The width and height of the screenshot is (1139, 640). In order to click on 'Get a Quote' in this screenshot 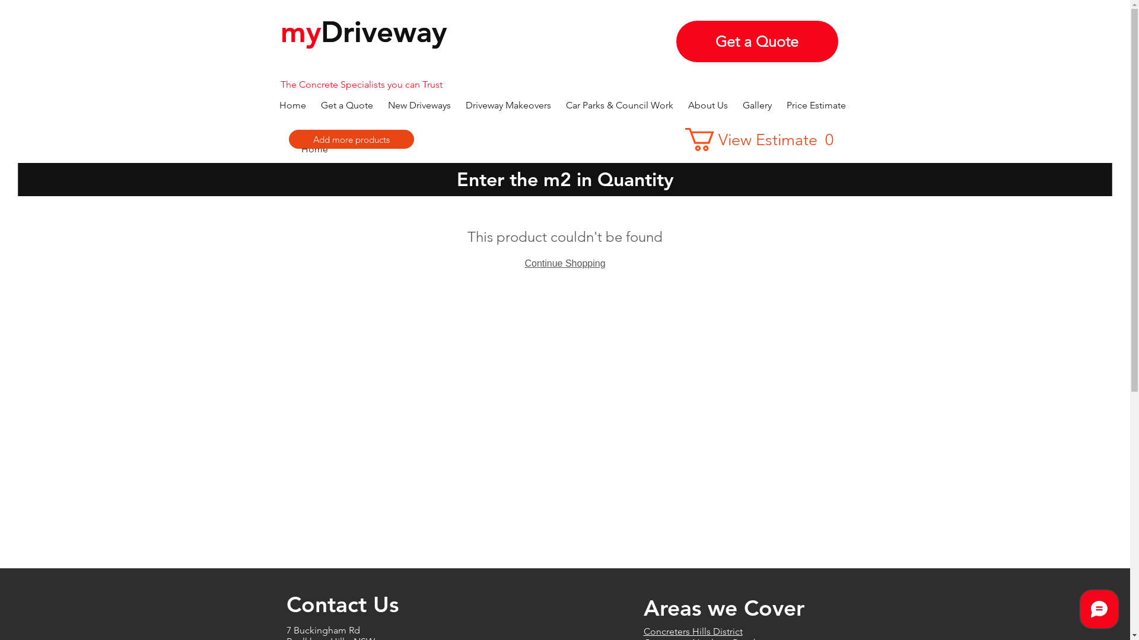, I will do `click(756, 40)`.